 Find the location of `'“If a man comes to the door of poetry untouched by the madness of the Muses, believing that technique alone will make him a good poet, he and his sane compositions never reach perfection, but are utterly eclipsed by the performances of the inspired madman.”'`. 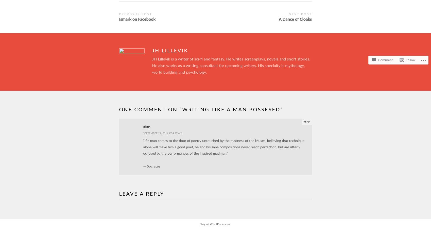

'“If a man comes to the door of poetry untouched by the madness of the Muses, believing that technique alone will make him a good poet, he and his sane compositions never reach perfection, but are utterly eclipsed by the performances of the inspired madman.”' is located at coordinates (143, 147).